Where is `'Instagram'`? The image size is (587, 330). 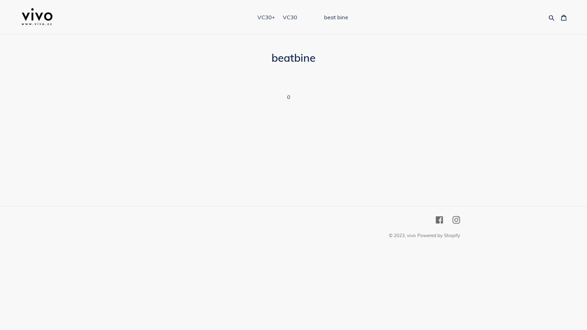 'Instagram' is located at coordinates (456, 219).